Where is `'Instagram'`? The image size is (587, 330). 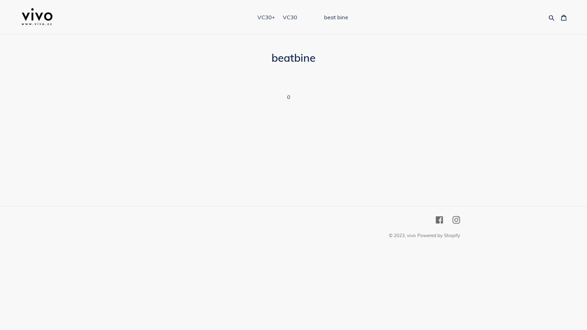 'Instagram' is located at coordinates (456, 219).